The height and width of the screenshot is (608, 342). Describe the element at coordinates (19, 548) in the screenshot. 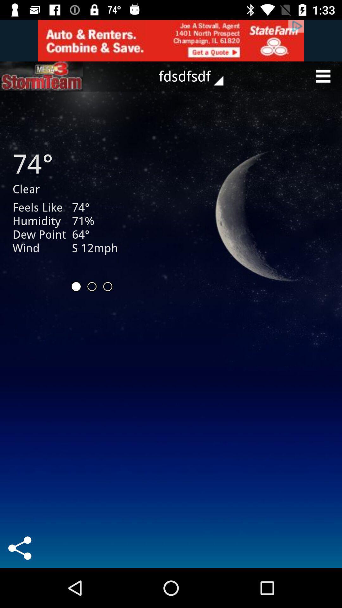

I see `the share icon` at that location.